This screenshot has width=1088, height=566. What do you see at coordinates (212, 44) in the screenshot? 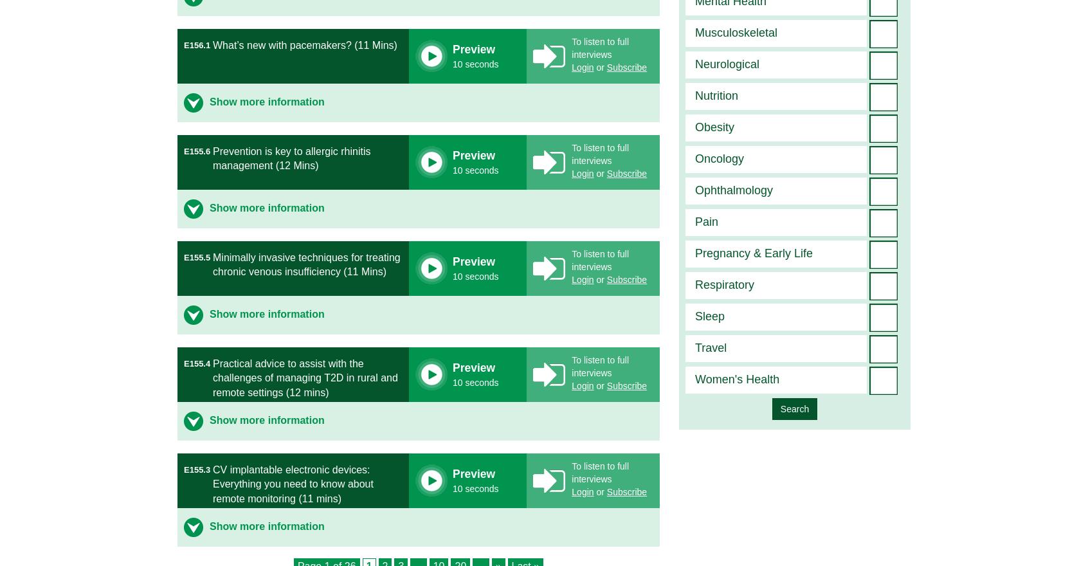
I see `'What’s new with pacemakers? (11 Mins)'` at bounding box center [212, 44].